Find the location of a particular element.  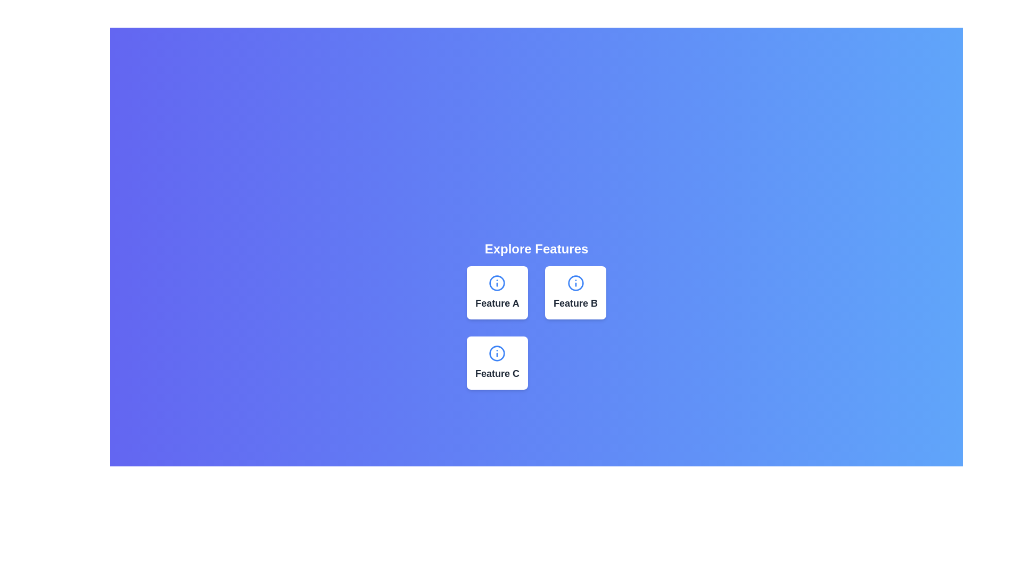

the middle card in the grid is located at coordinates (575, 293).